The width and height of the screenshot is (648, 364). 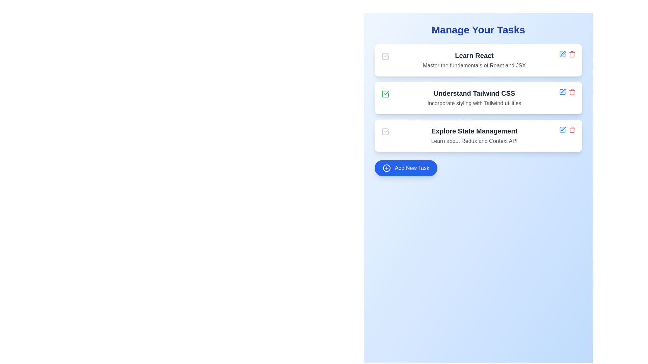 What do you see at coordinates (387, 168) in the screenshot?
I see `the circular icon with a blue background, white border, and red cross located to the left of the 'Add New Task' button` at bounding box center [387, 168].